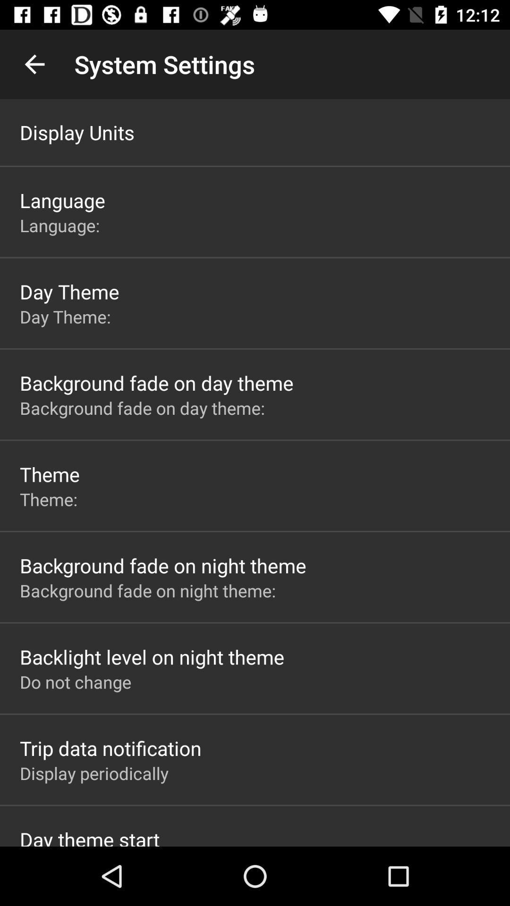  I want to click on the icon above display units icon, so click(34, 64).